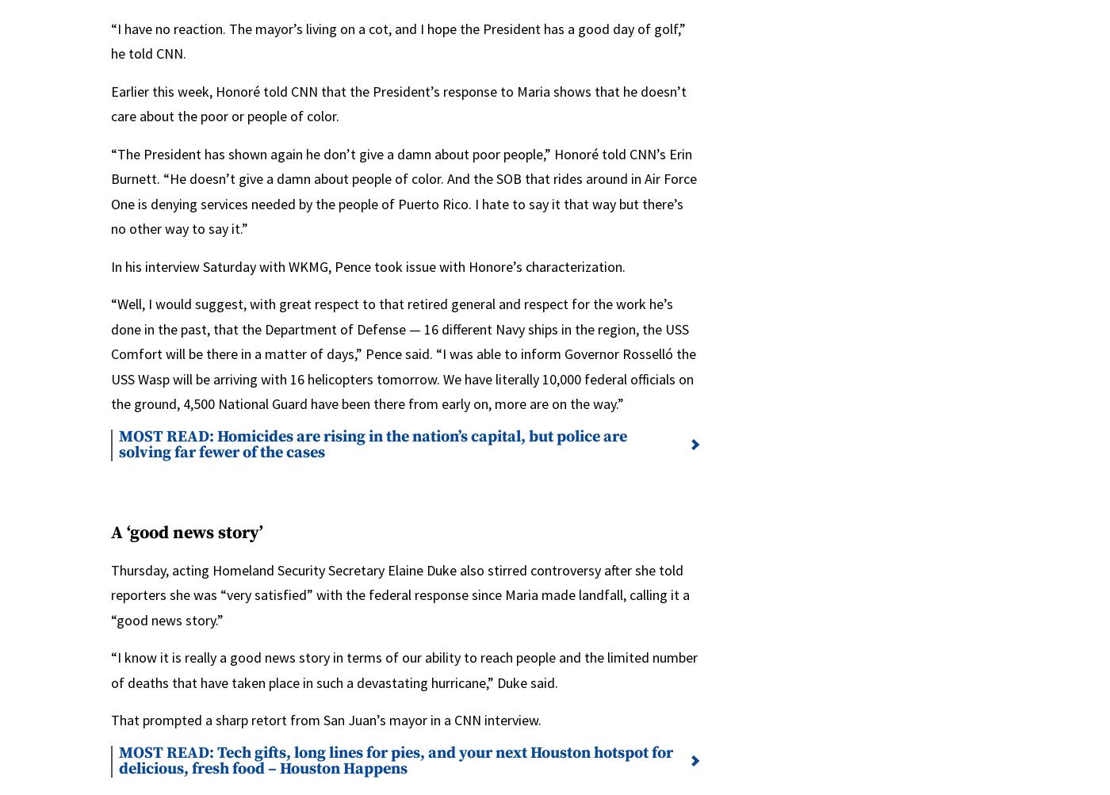 This screenshot has width=1110, height=795. Describe the element at coordinates (111, 719) in the screenshot. I see `'That prompted a sharp retort from San Juan’s mayor in a CNN interview.'` at that location.